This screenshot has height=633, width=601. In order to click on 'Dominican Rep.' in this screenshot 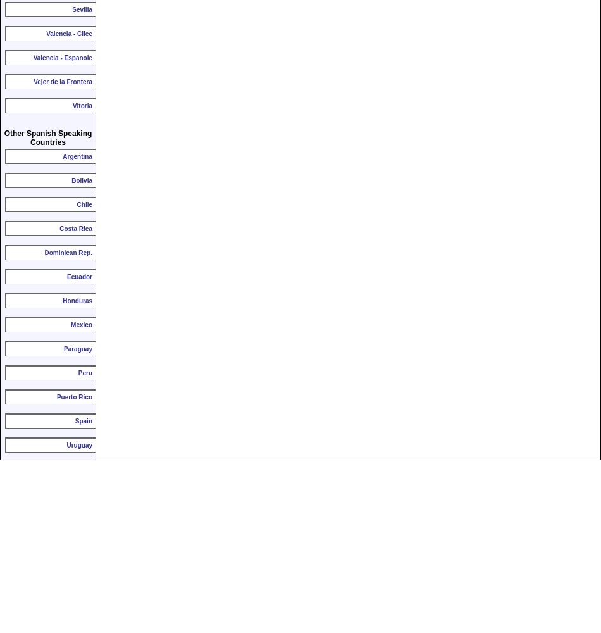, I will do `click(68, 253)`.